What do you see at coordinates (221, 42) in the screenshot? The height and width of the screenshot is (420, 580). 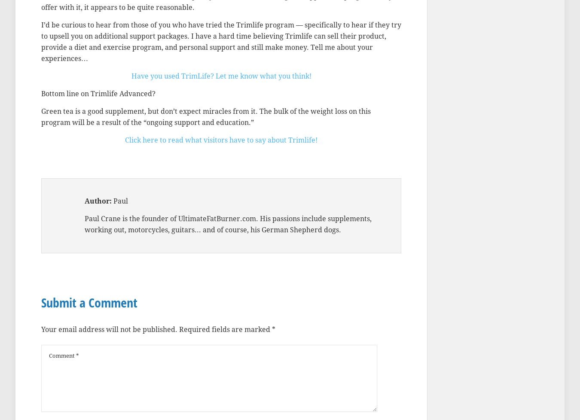 I see `'I’d be curious to hear from those of you who have tried the Trimlife program — specifically to hear if they try to upsell you on additional support packages. I have a hard time believing Trimlife can sell their product, provide a diet and exercise program, and personal support and still make money. Tell me about your experiences…'` at bounding box center [221, 42].